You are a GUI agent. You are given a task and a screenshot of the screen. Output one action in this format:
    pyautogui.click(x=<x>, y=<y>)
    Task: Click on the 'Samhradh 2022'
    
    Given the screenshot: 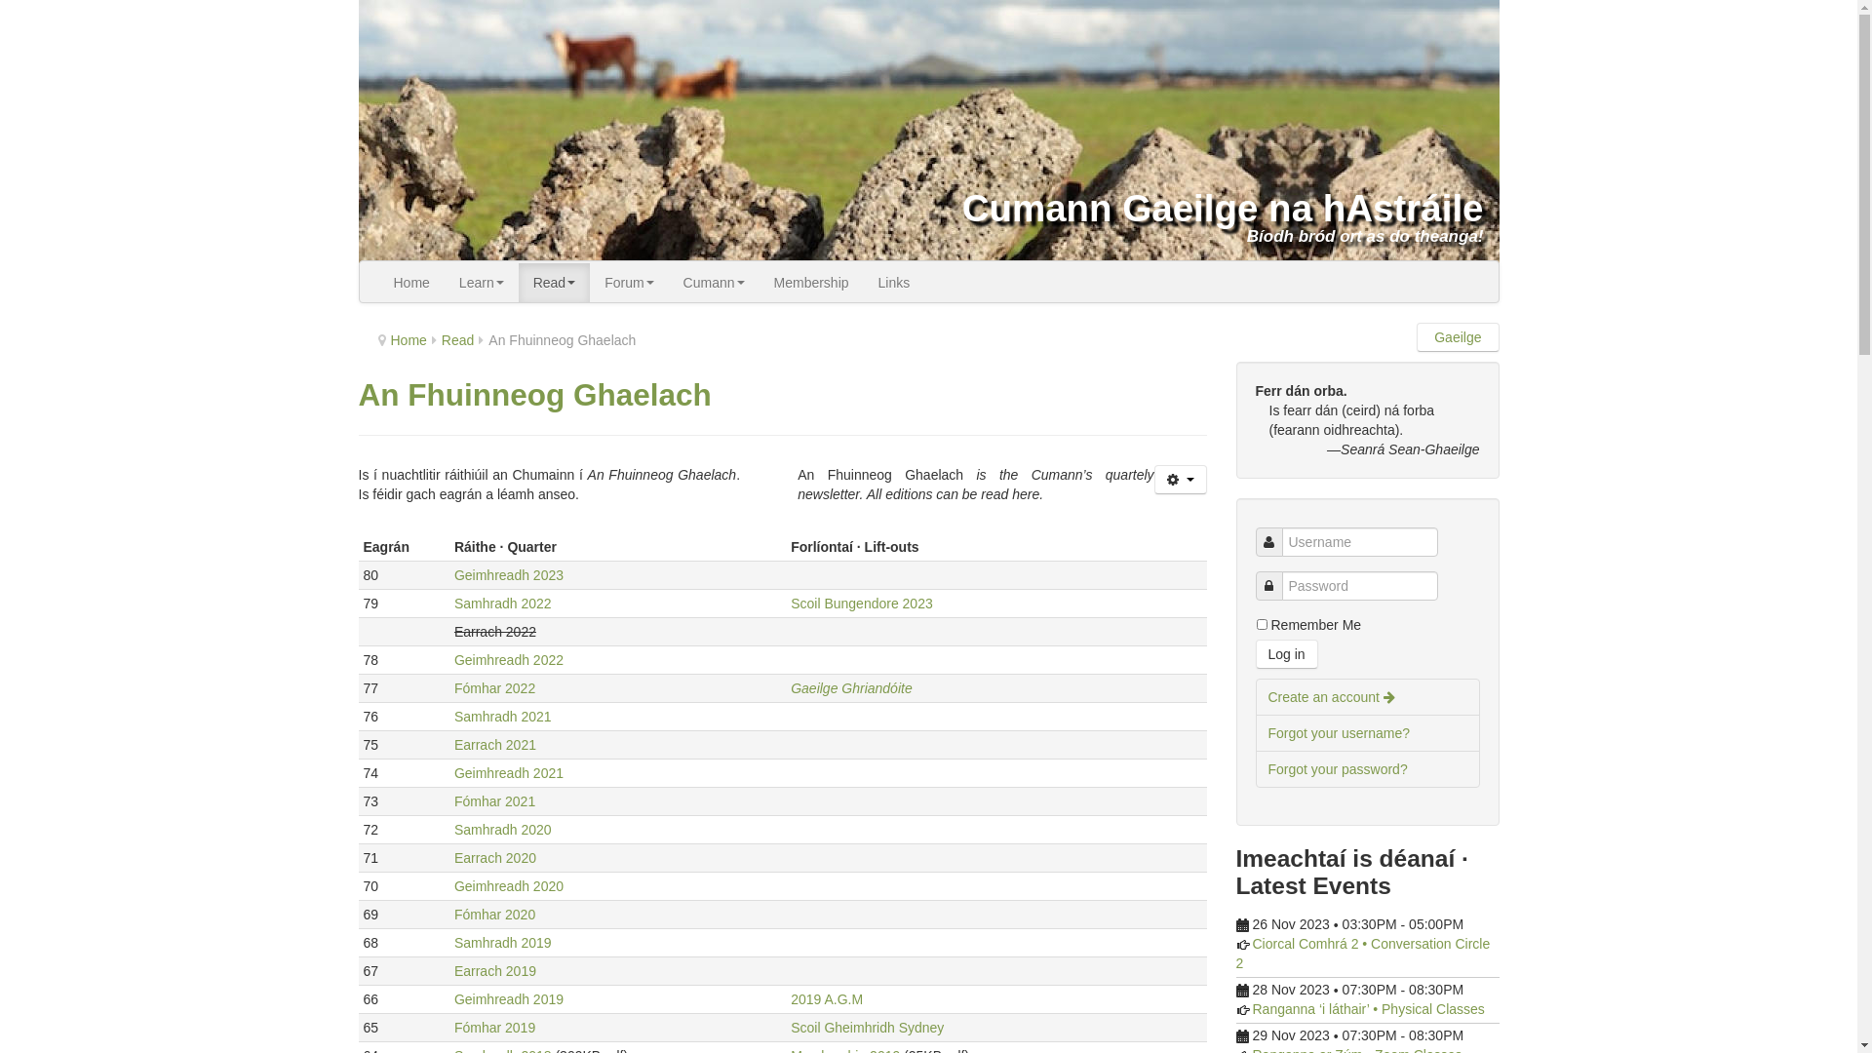 What is the action you would take?
    pyautogui.click(x=502, y=602)
    